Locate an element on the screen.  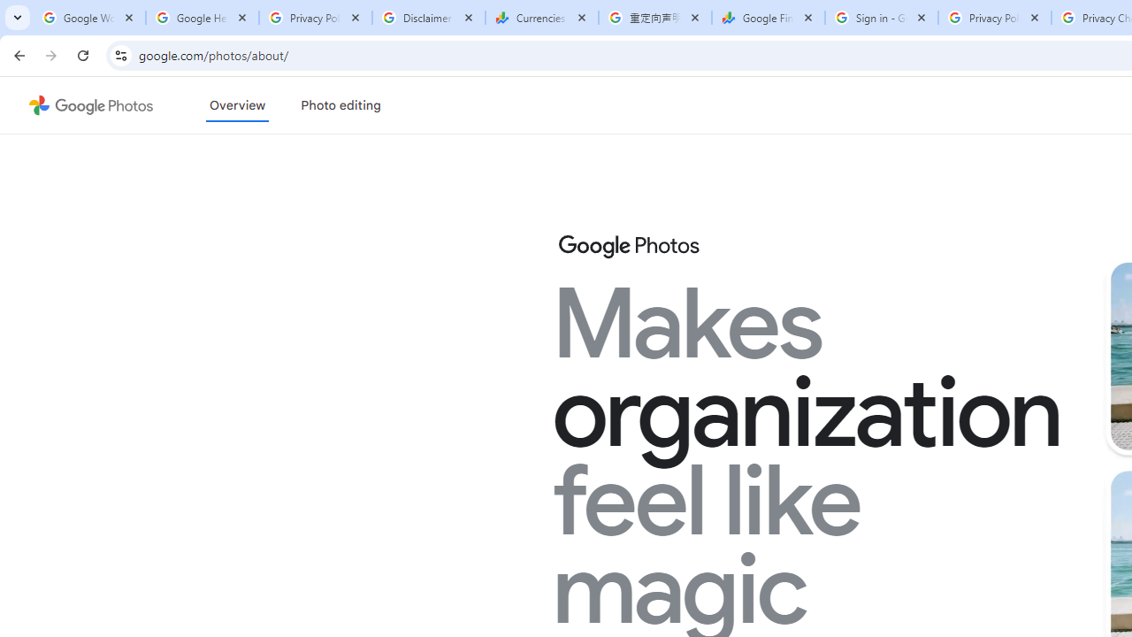
'Visit the Overview page' is located at coordinates (236, 105).